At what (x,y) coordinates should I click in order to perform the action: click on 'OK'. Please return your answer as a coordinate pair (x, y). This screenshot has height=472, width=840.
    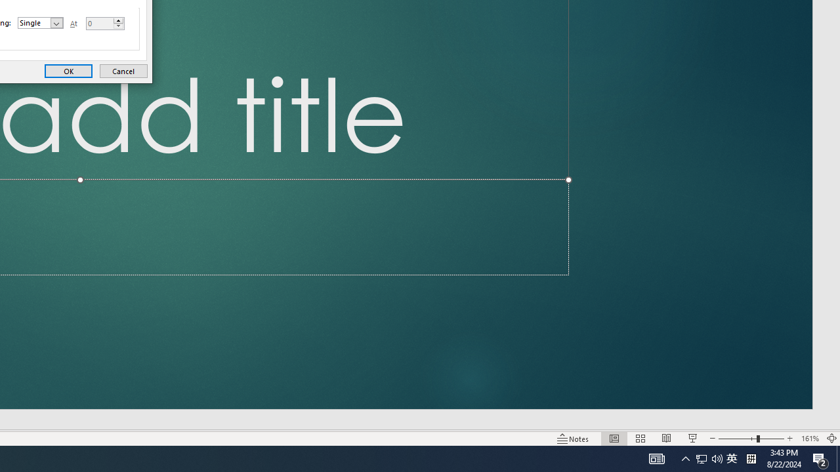
    Looking at the image, I should click on (68, 71).